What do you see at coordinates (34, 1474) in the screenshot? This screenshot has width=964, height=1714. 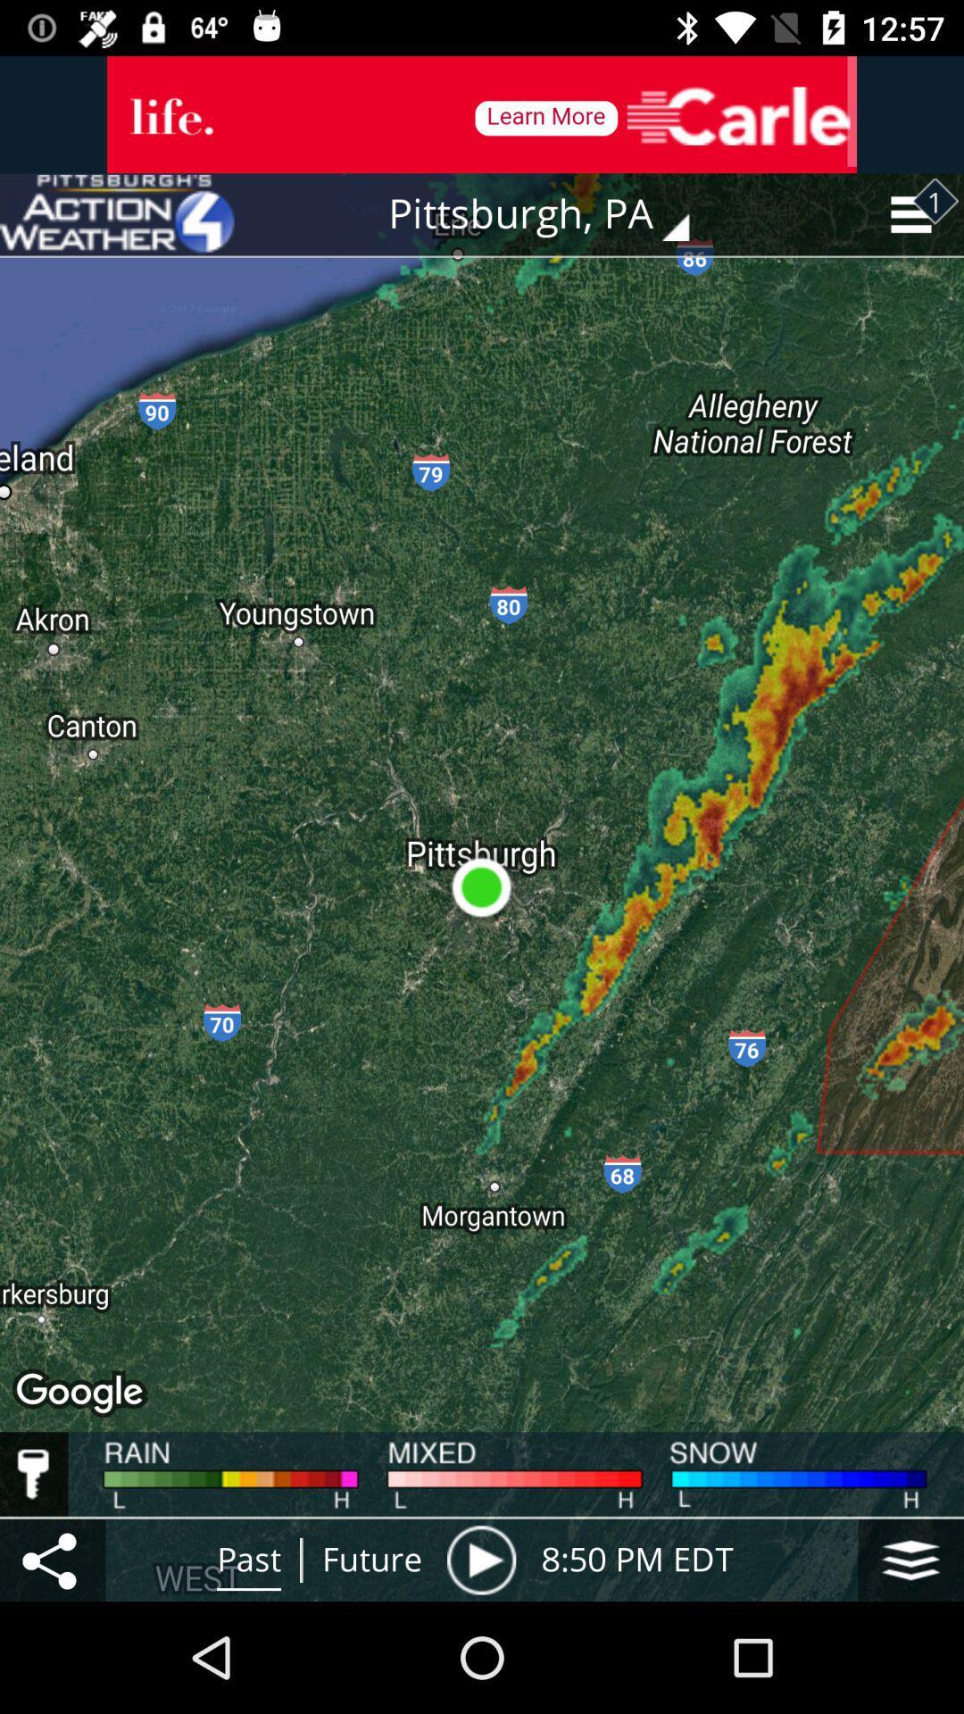 I see `access password` at bounding box center [34, 1474].